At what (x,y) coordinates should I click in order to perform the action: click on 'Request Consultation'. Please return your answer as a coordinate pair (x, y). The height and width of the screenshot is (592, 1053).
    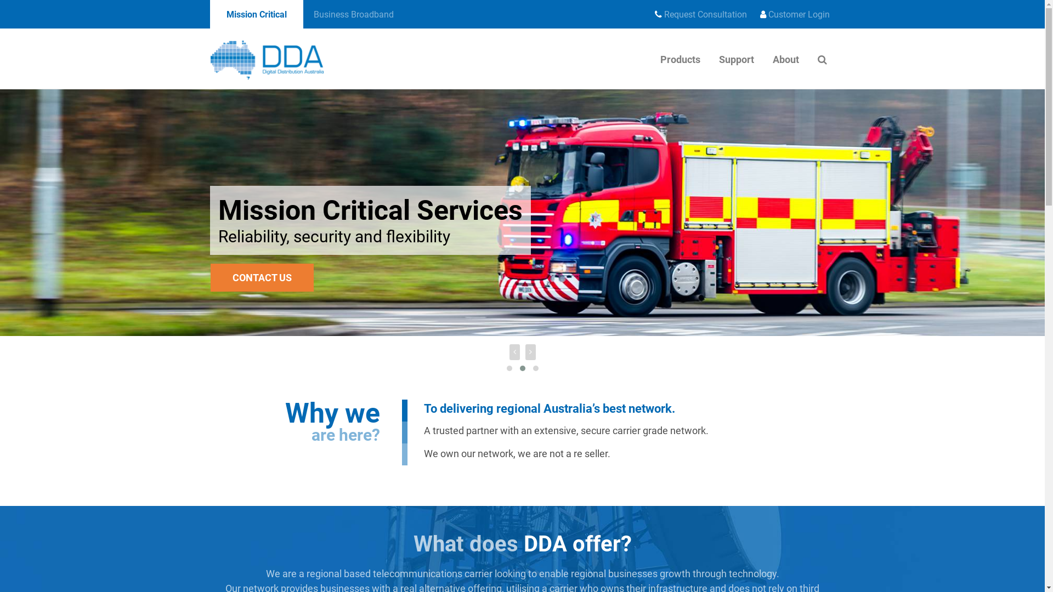
    Looking at the image, I should click on (700, 15).